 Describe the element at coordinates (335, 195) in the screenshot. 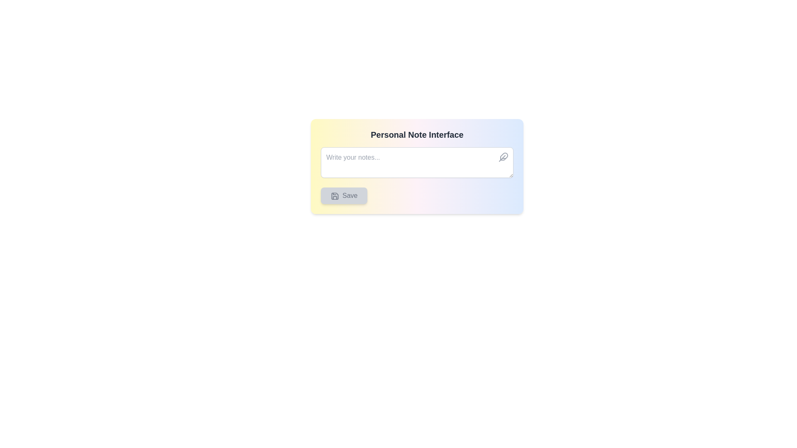

I see `the folder icon located on the toolbar next to the 'Save' button for the context menu` at that location.